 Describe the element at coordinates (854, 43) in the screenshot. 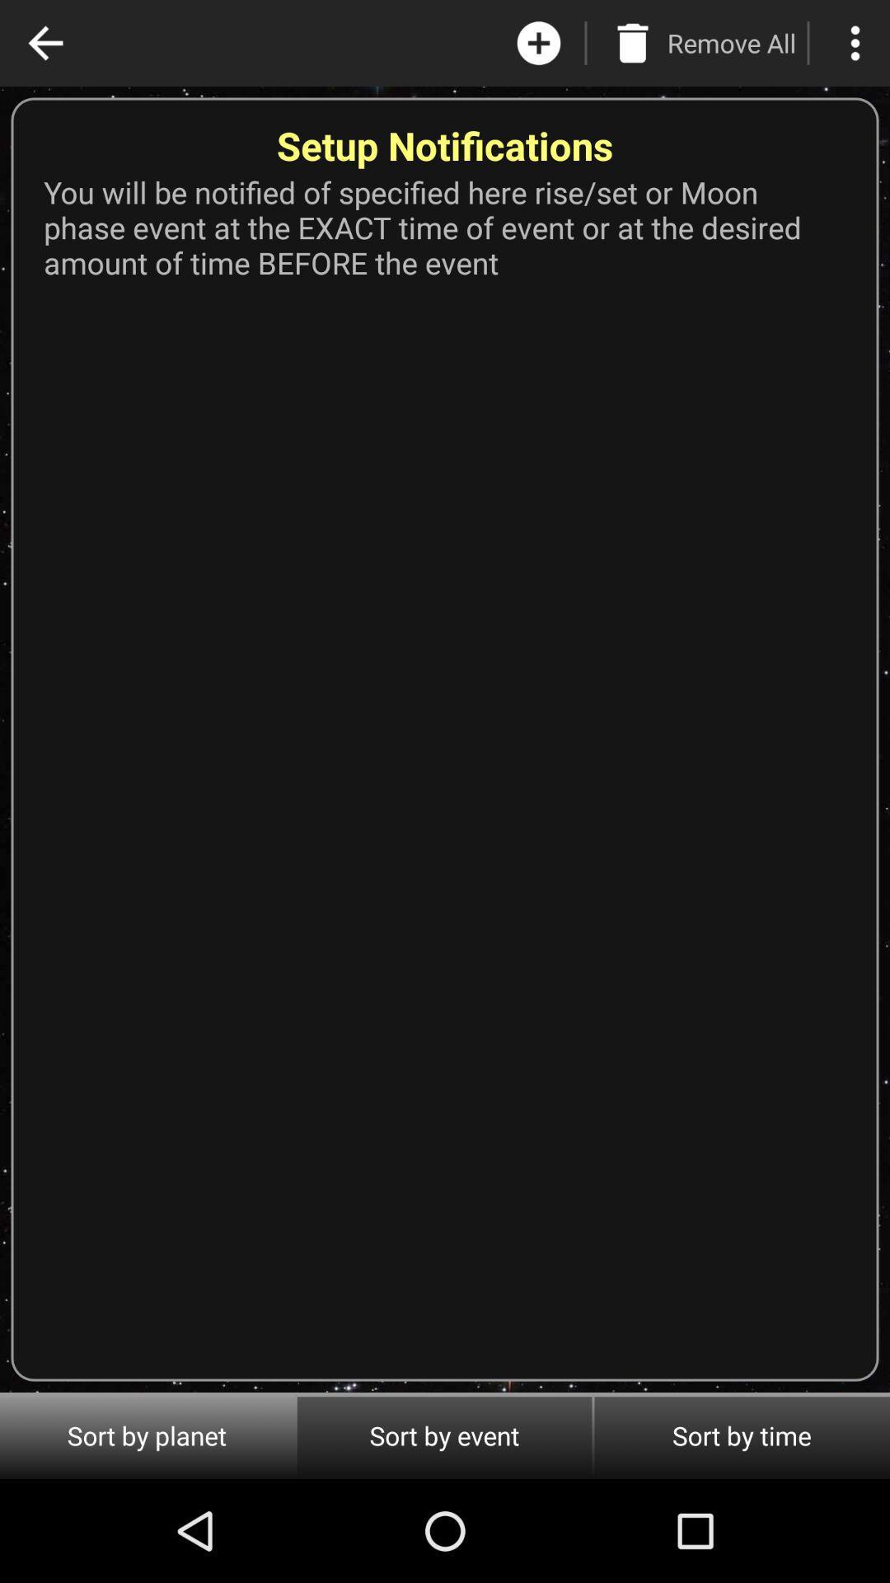

I see `icon above the you will be item` at that location.